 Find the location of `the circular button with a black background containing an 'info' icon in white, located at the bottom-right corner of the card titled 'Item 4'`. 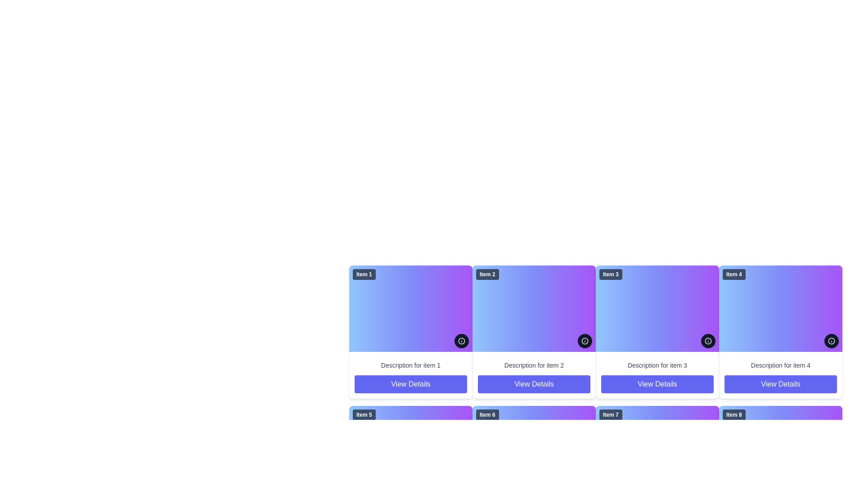

the circular button with a black background containing an 'info' icon in white, located at the bottom-right corner of the card titled 'Item 4' is located at coordinates (831, 341).